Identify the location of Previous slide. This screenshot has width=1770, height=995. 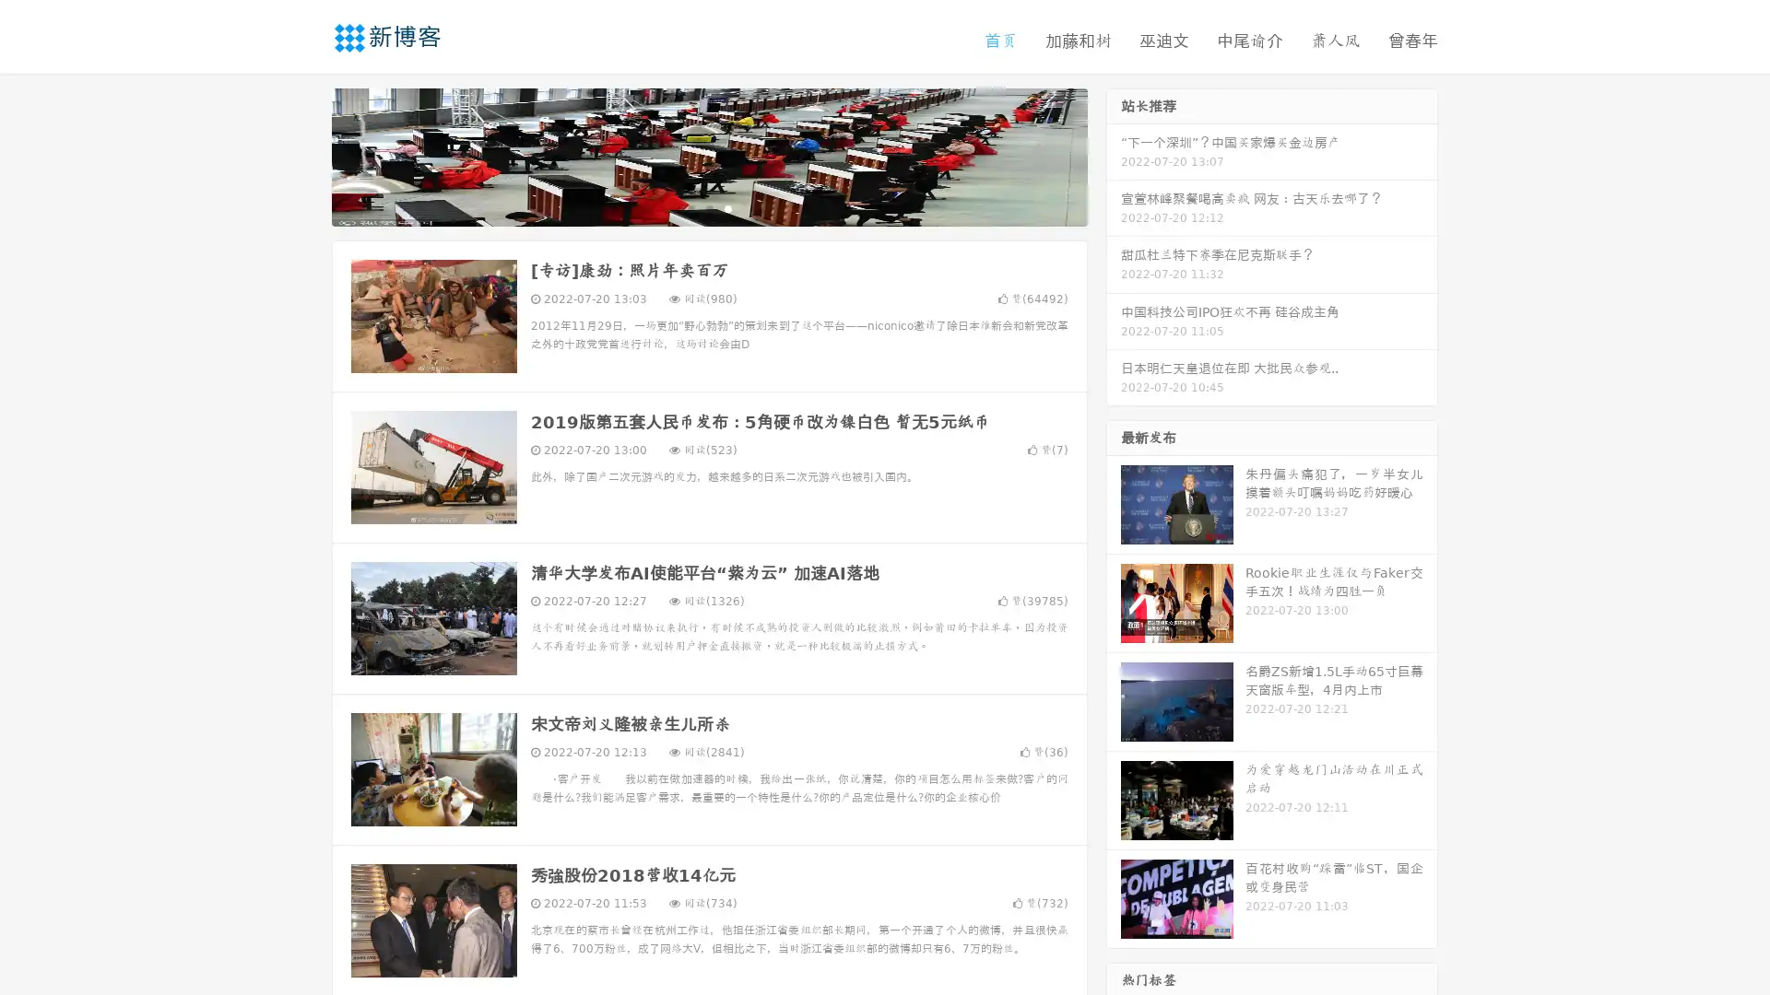
(304, 155).